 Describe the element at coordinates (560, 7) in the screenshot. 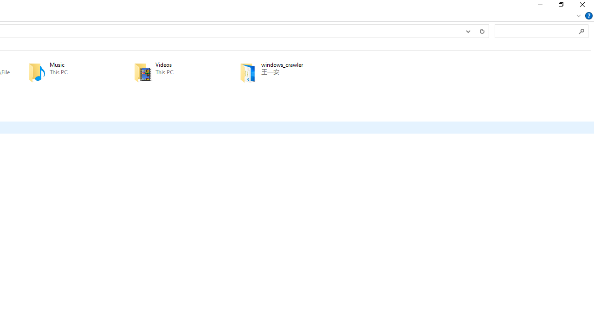

I see `'Restore'` at that location.